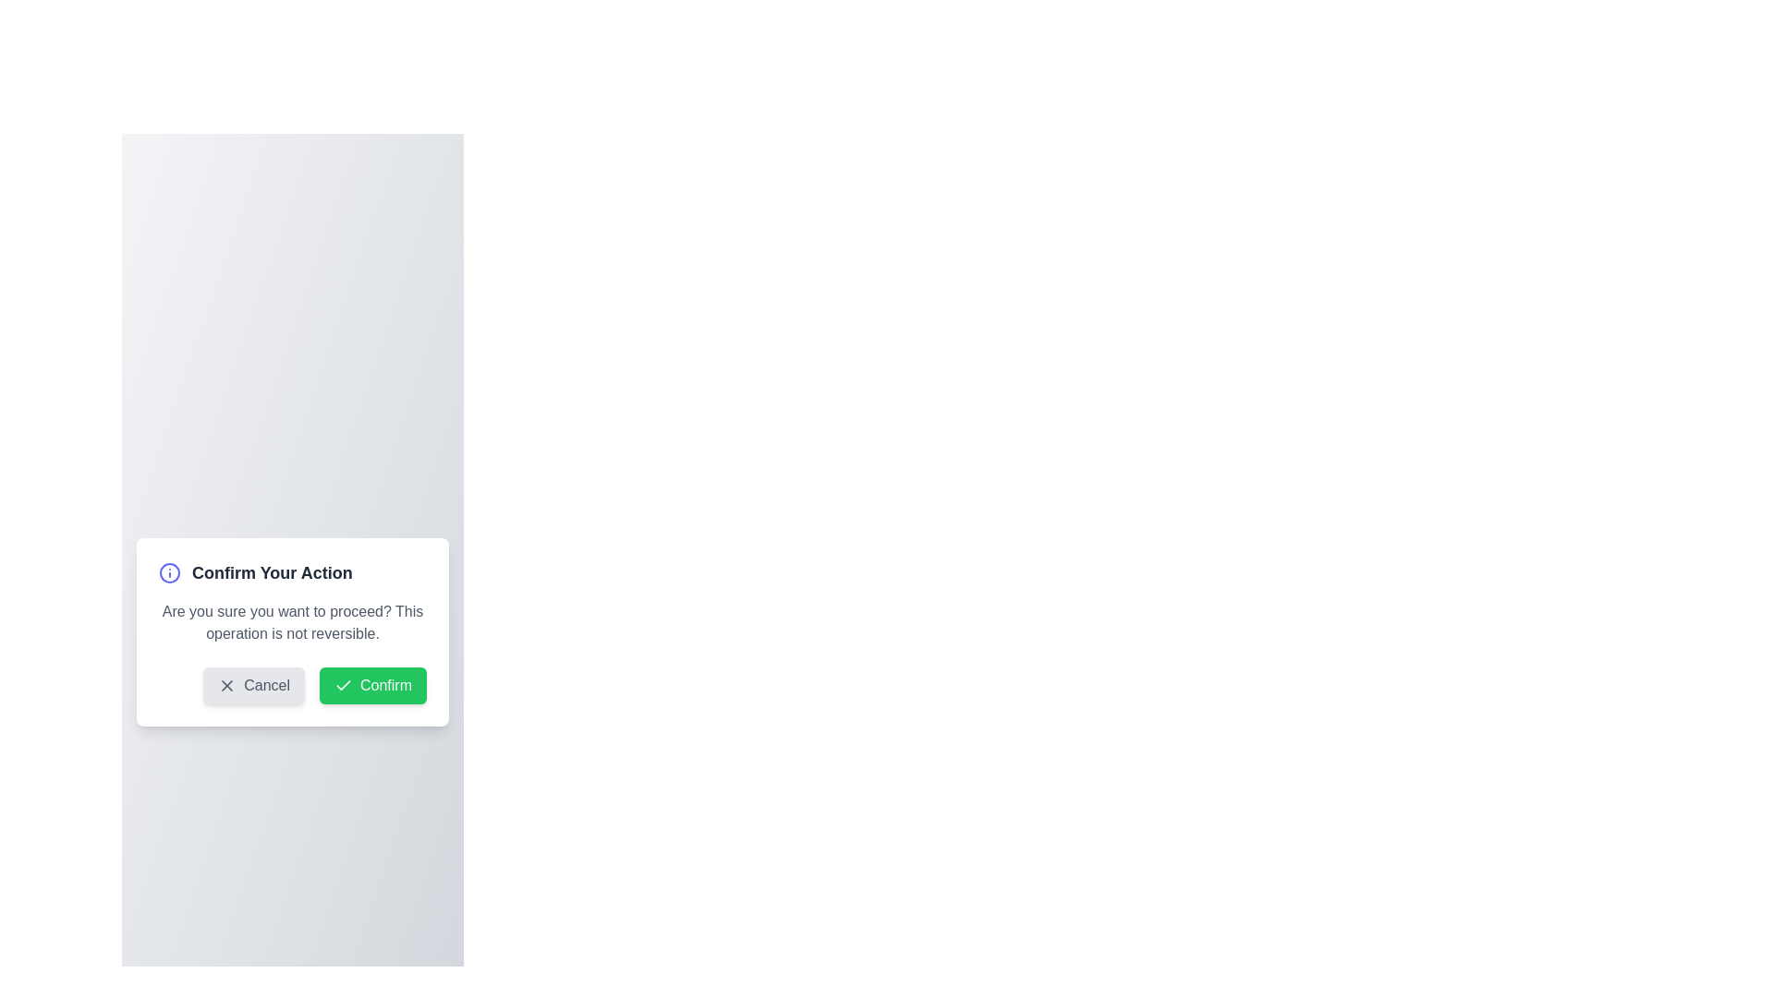 This screenshot has width=1774, height=997. I want to click on the confirm button located at the bottom-right side of the modal dialog box to confirm the action, so click(371, 686).